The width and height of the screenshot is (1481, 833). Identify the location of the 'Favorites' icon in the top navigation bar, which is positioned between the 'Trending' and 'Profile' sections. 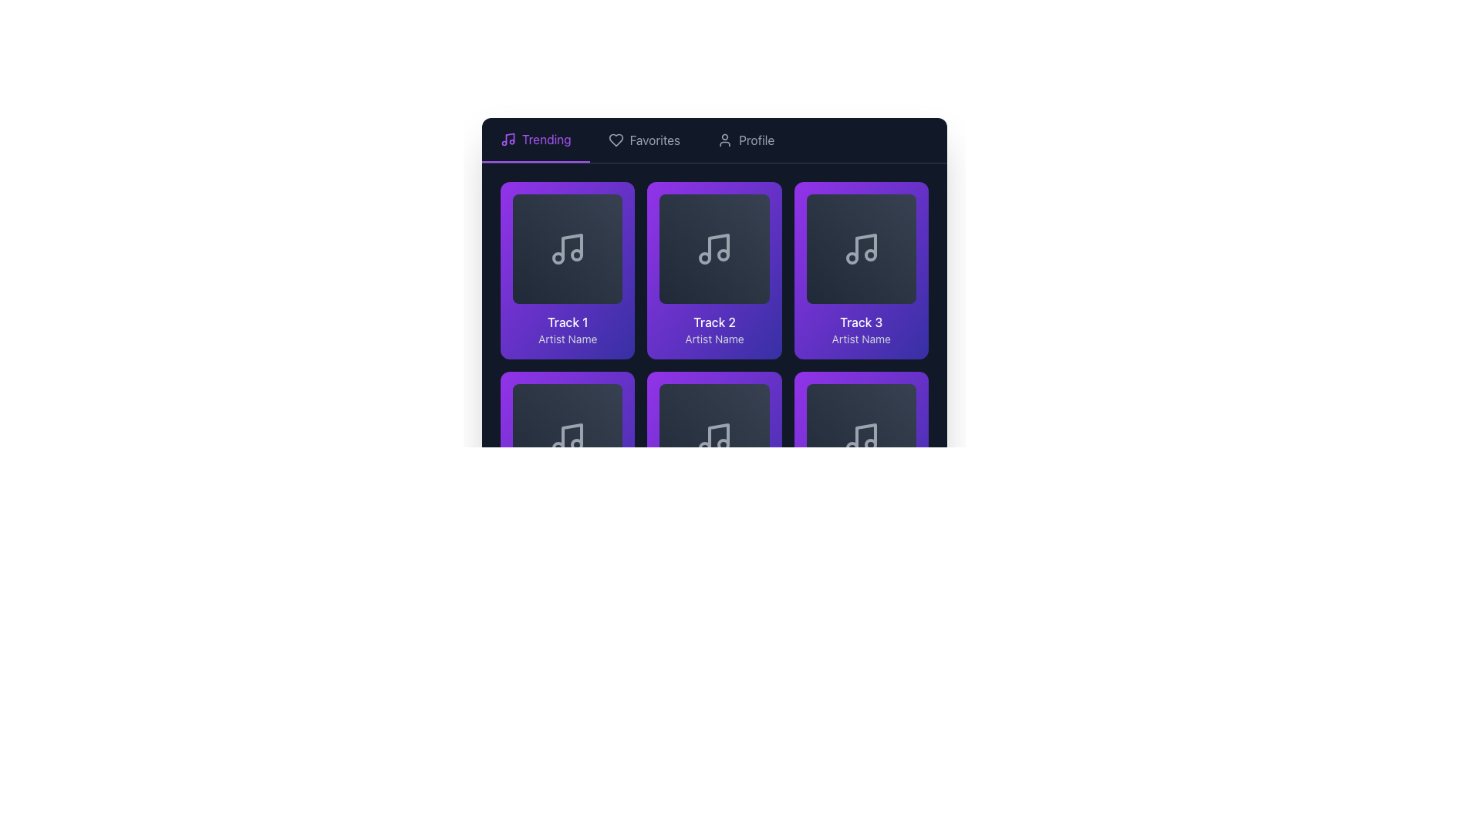
(615, 140).